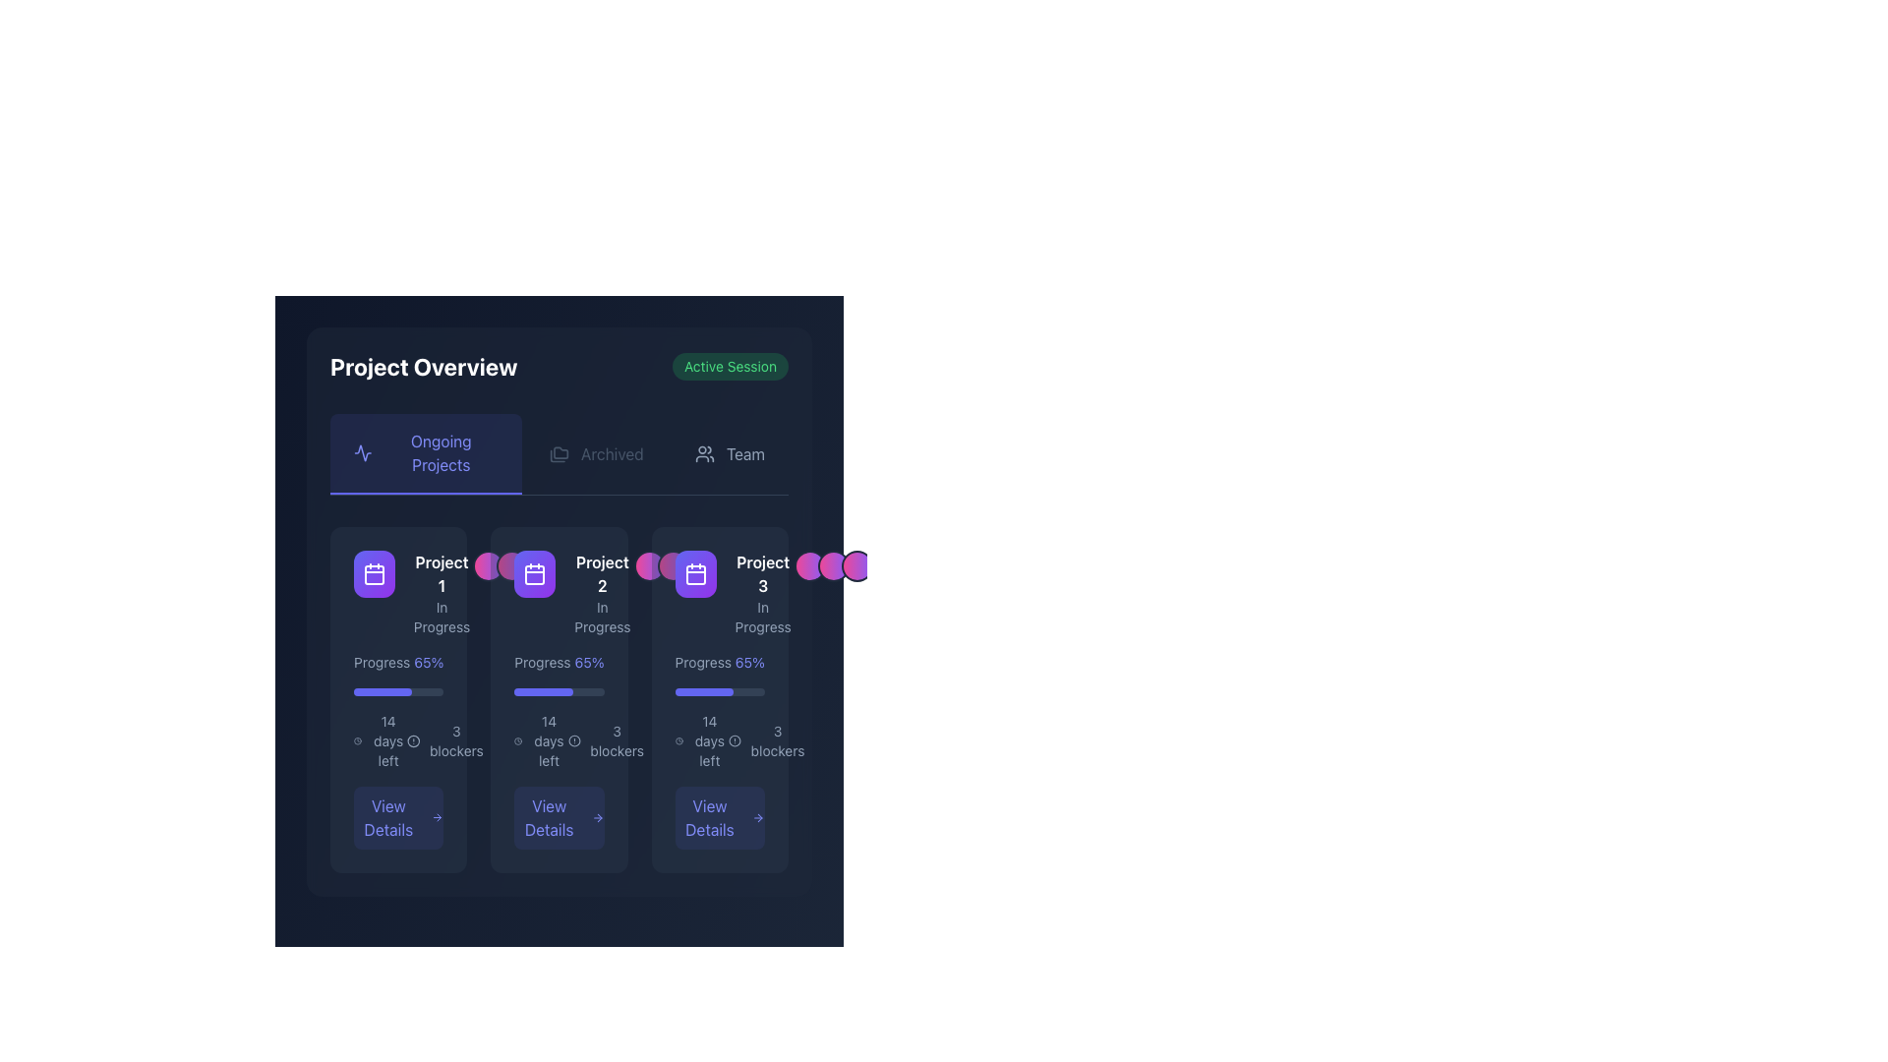  Describe the element at coordinates (558, 750) in the screenshot. I see `progress and timeframe information displayed in the lower middle section of the second card in the 'Project Overview' interface` at that location.